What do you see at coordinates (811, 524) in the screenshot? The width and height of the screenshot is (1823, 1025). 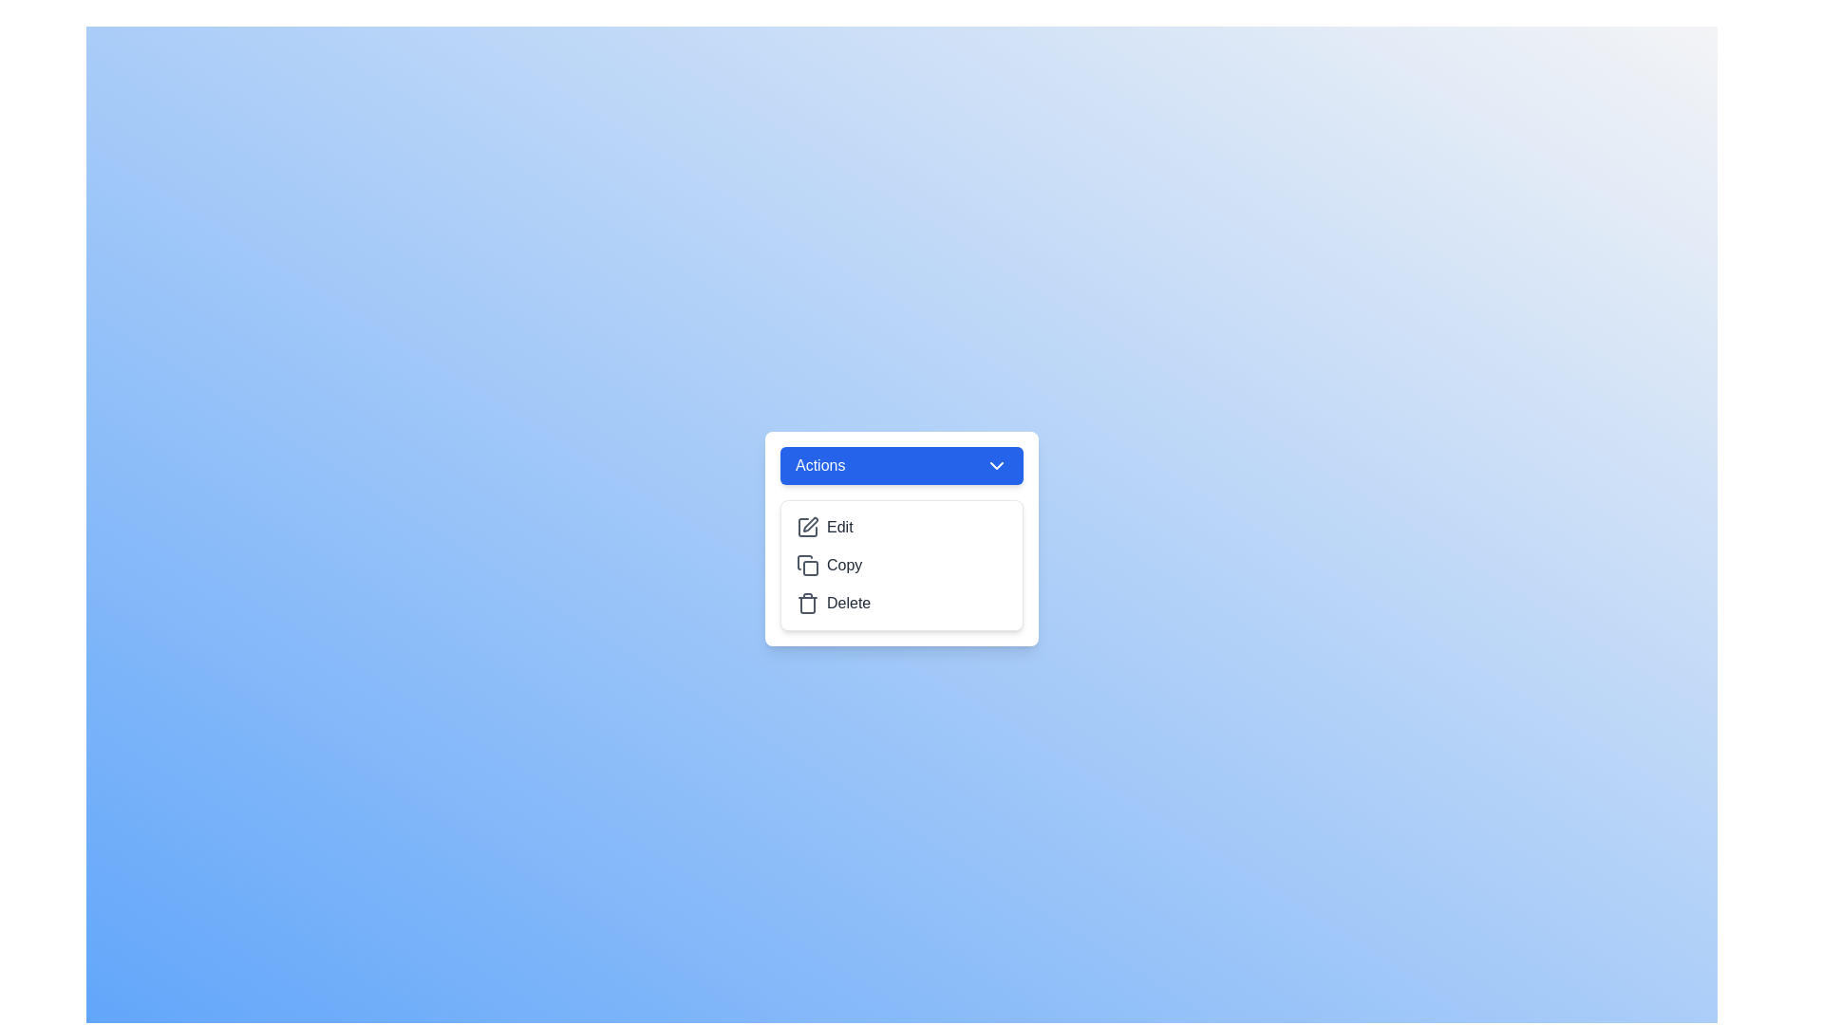 I see `the decorative 'Edit' icon located within the dropdown menu, positioned to the right of its sibling element, to enhance user recognition` at bounding box center [811, 524].